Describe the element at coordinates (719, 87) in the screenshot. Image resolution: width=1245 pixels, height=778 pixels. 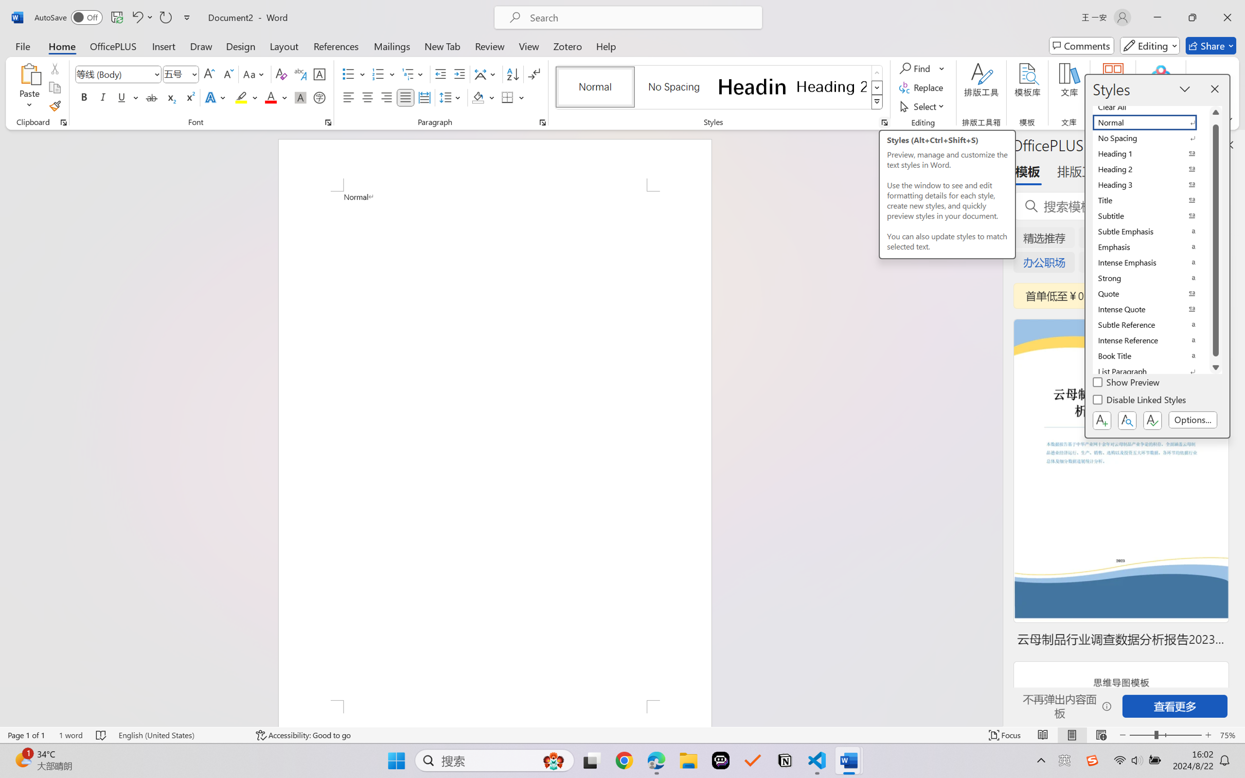
I see `'AutomationID: QuickStylesGallery'` at that location.